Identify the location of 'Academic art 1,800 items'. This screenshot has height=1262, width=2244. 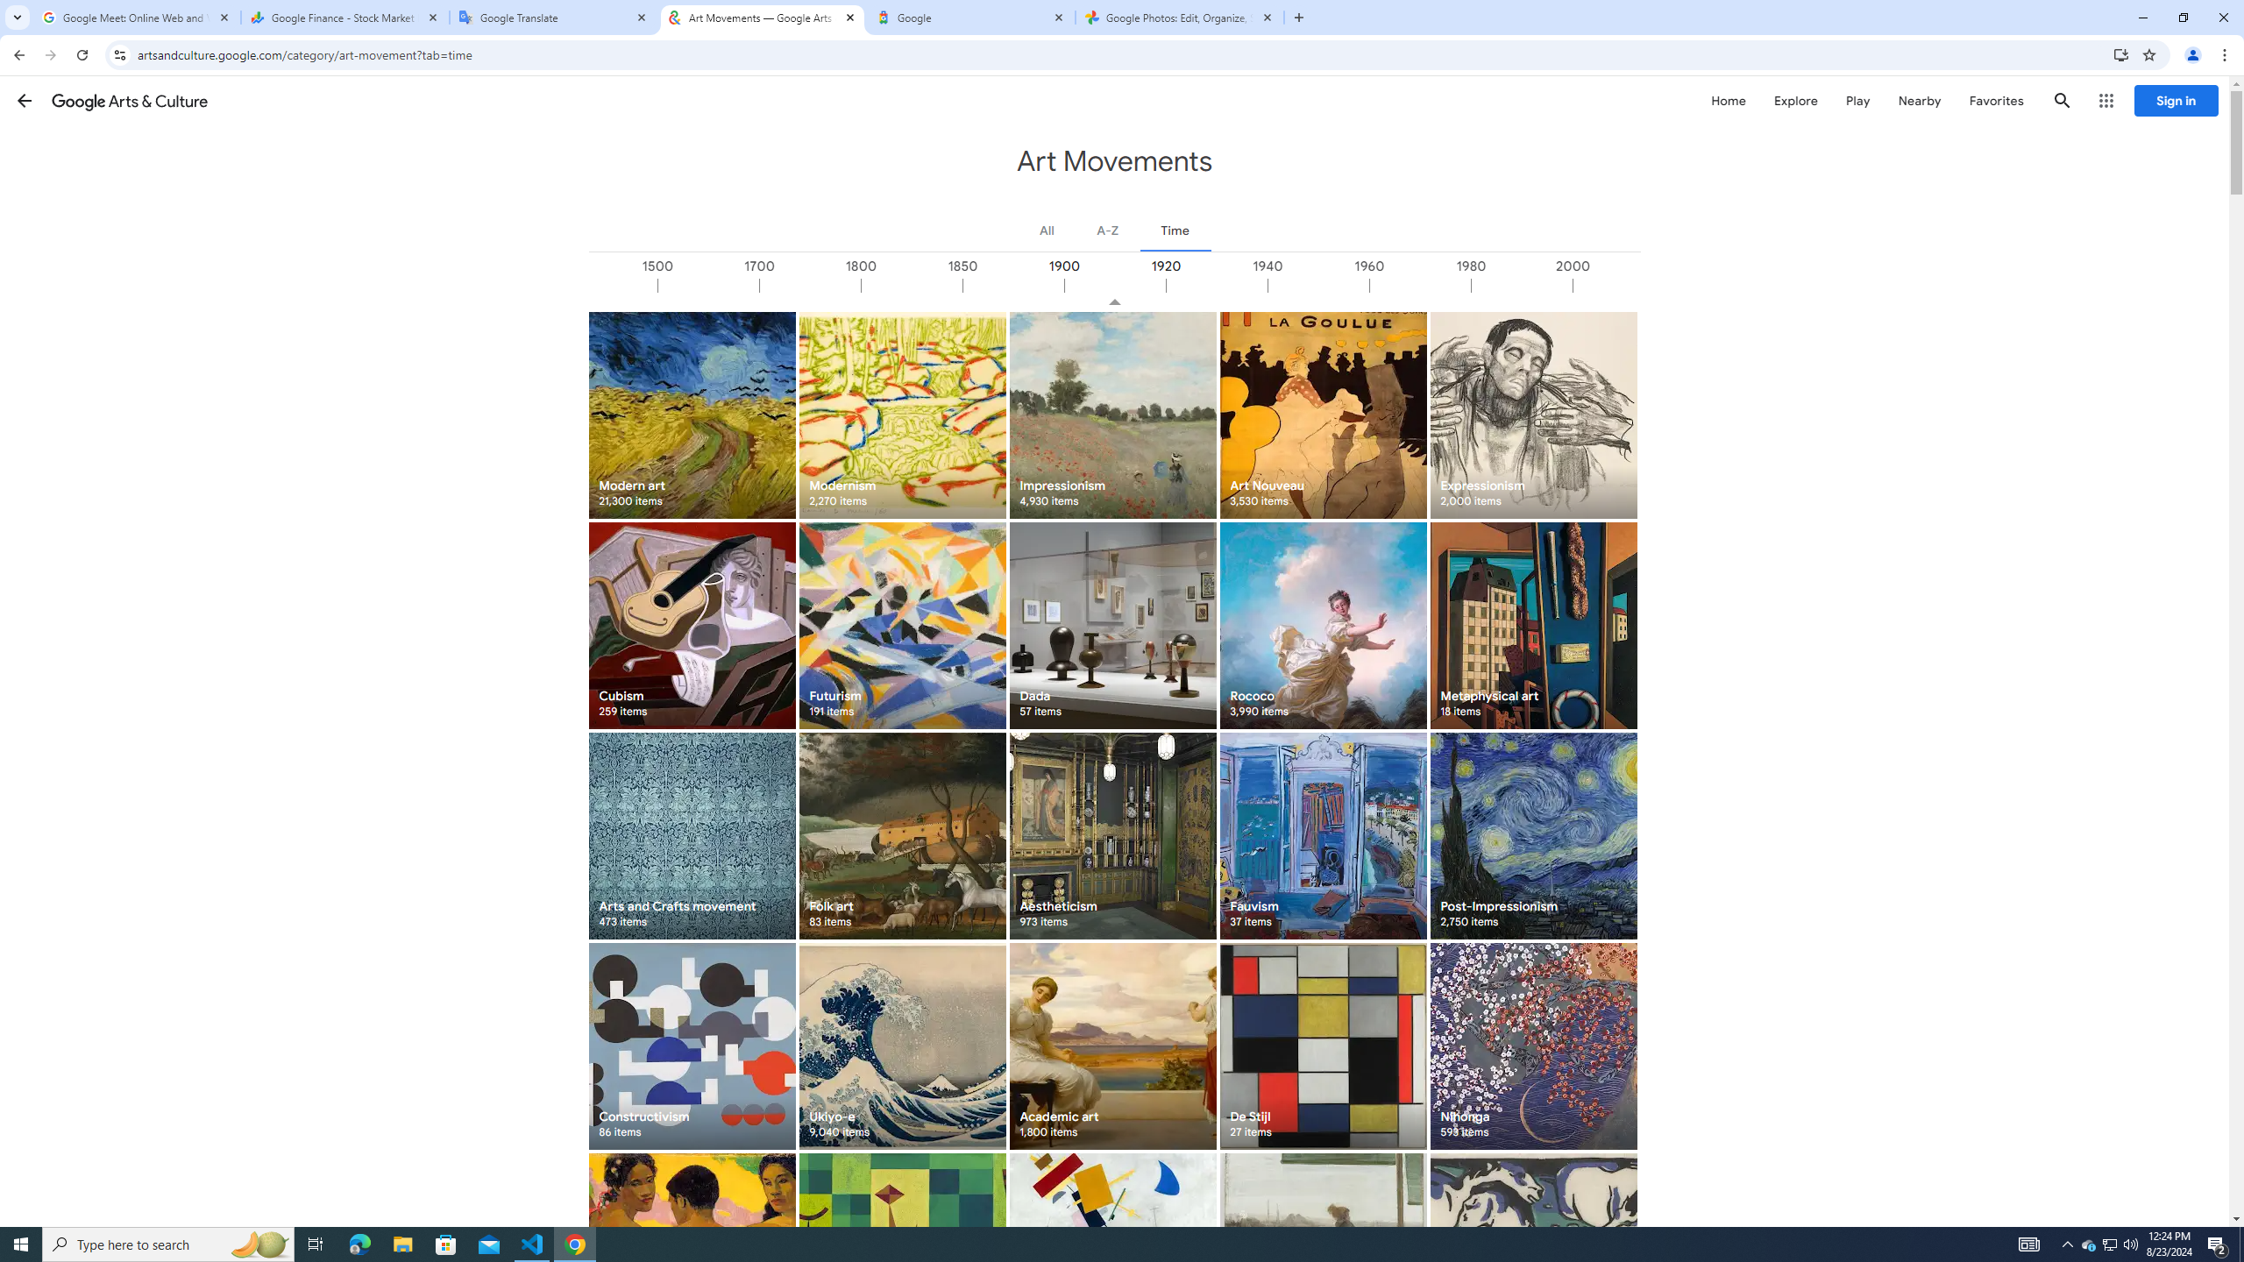
(1111, 1045).